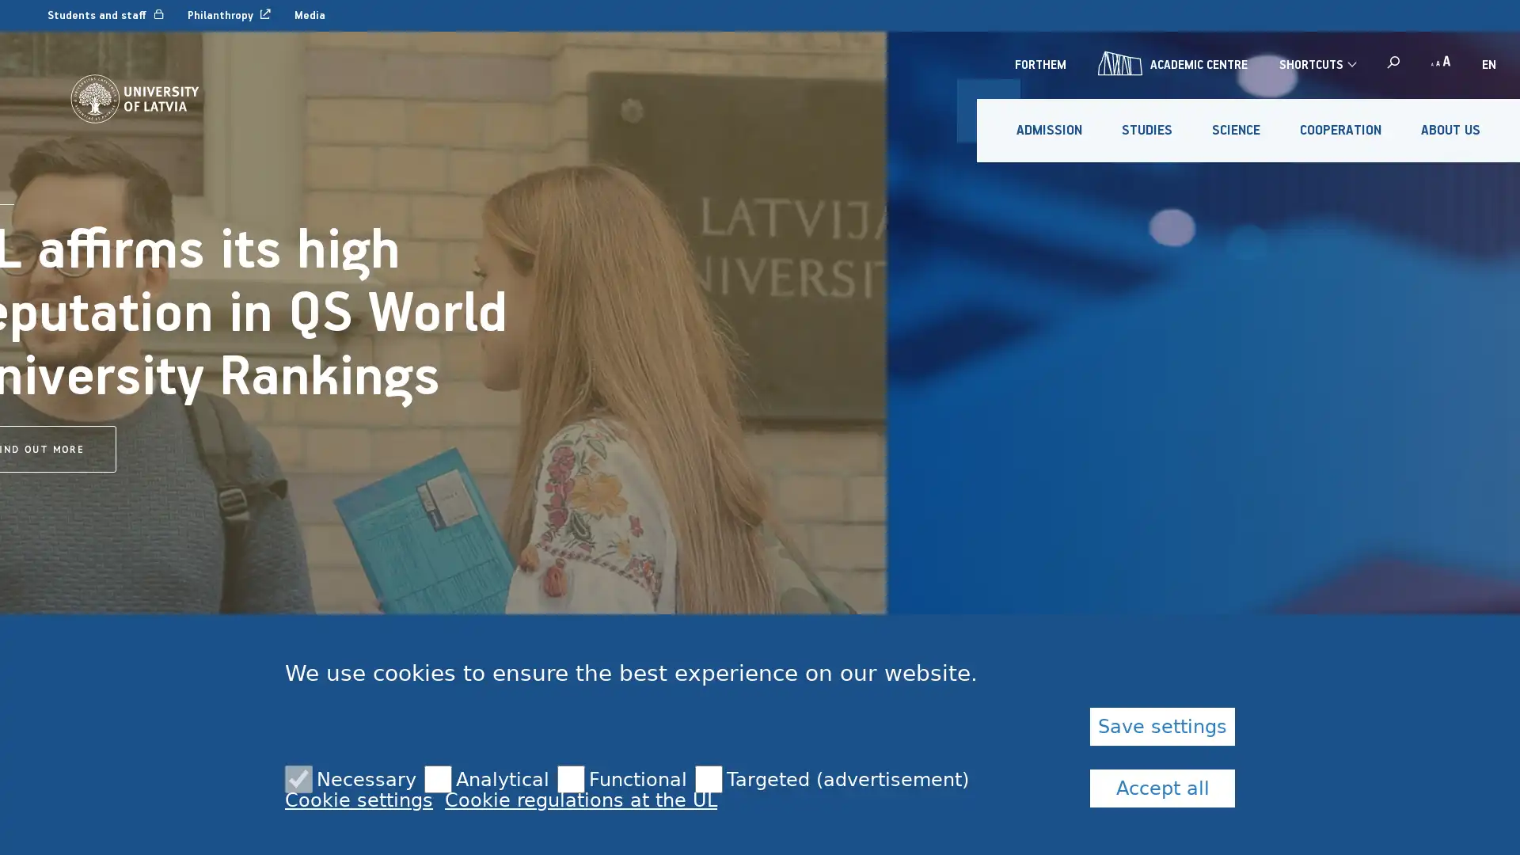 The height and width of the screenshot is (855, 1520). What do you see at coordinates (1147, 130) in the screenshot?
I see `STUDIES` at bounding box center [1147, 130].